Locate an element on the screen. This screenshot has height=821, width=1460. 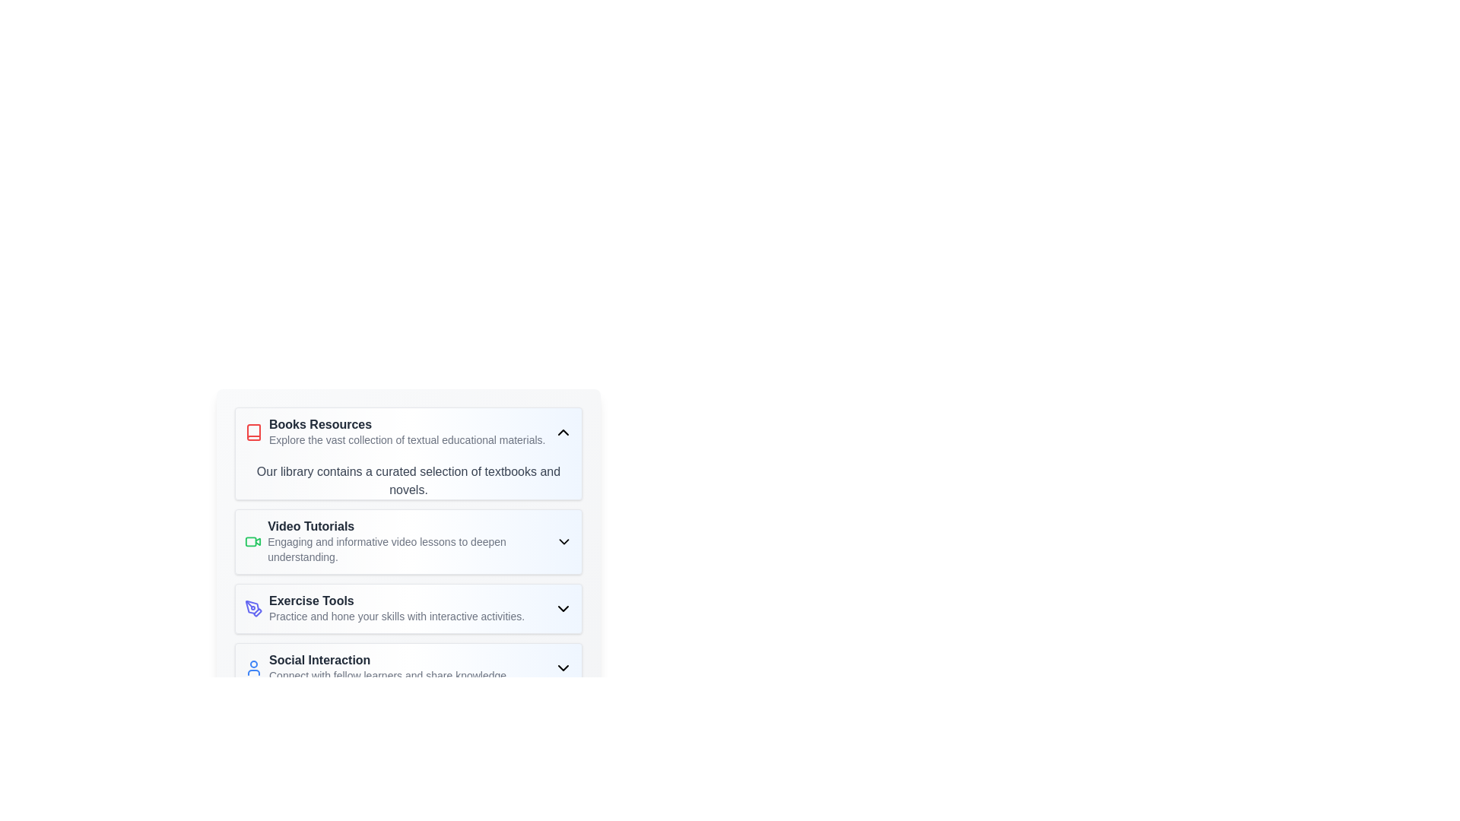
information displayed in the small gray text that states 'Engaging and informative video lessons to deepen understanding.', located directly below the 'Video Tutorials' title is located at coordinates (411, 549).